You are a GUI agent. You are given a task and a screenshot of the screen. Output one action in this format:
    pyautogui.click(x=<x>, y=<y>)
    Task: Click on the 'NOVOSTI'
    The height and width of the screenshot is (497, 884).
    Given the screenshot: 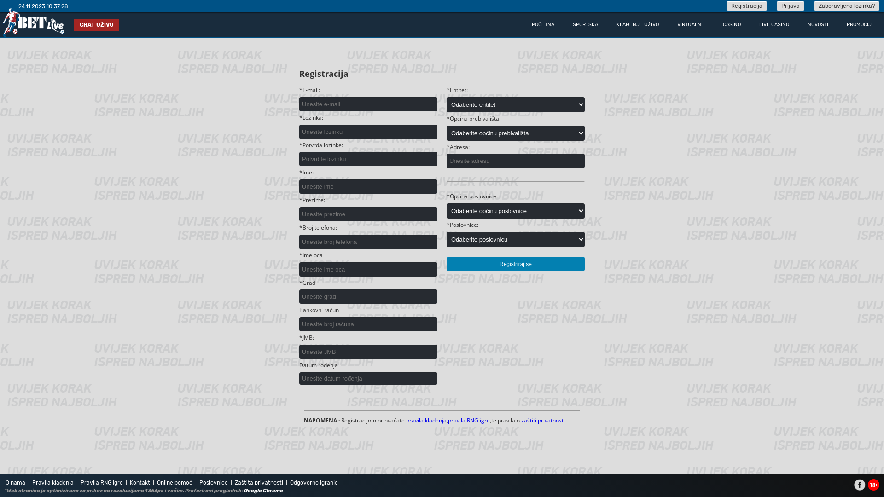 What is the action you would take?
    pyautogui.click(x=797, y=24)
    